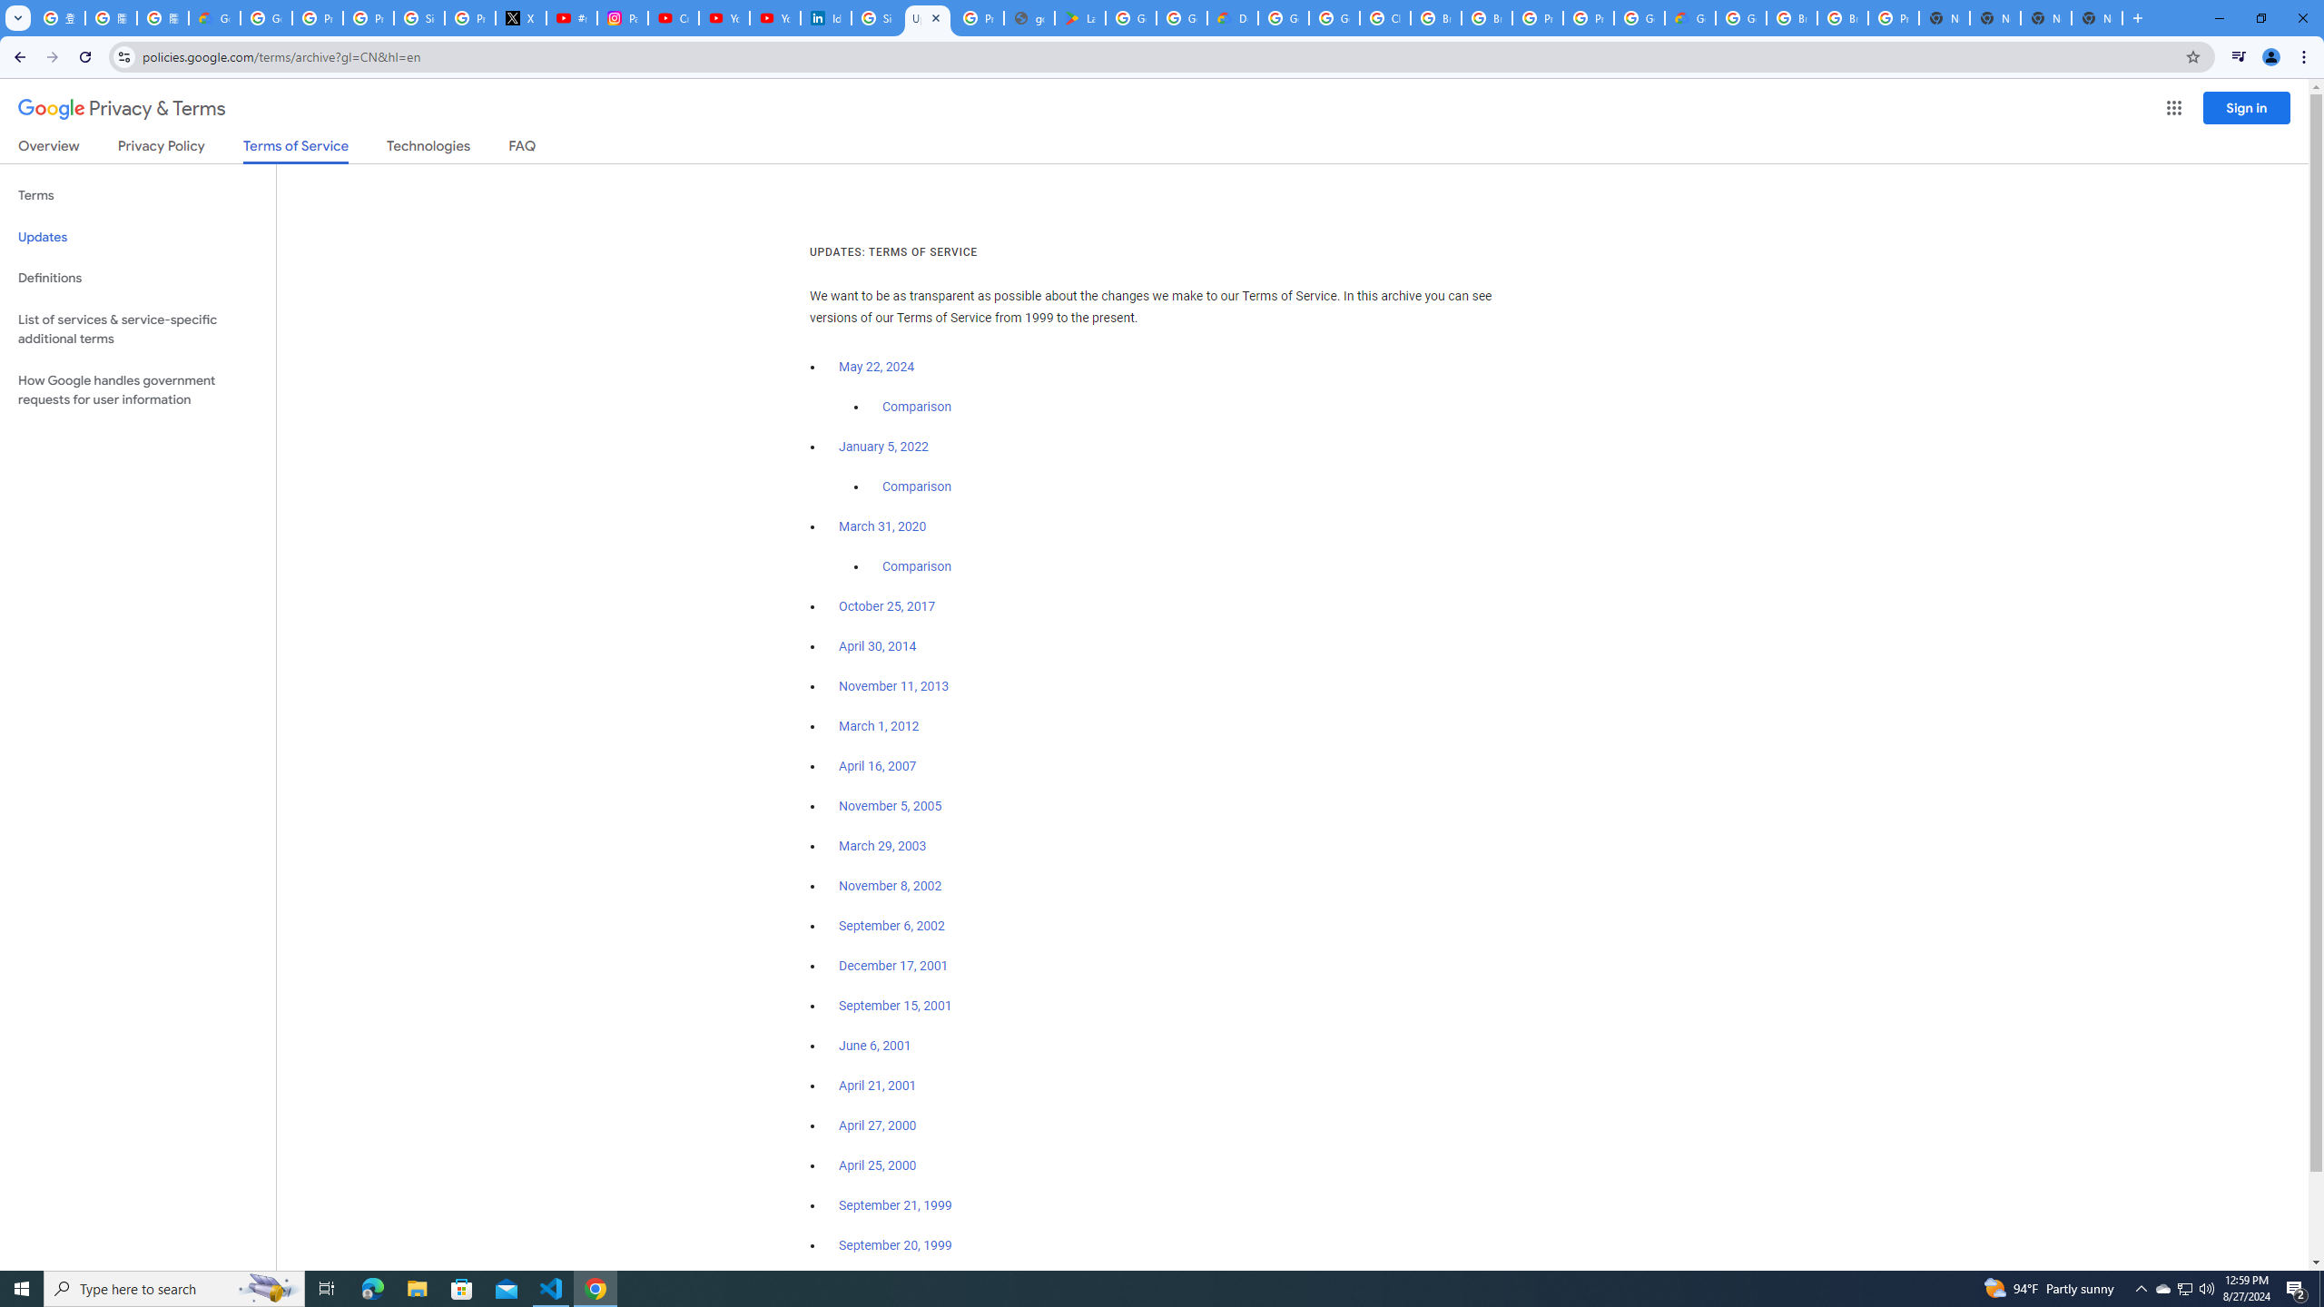 The height and width of the screenshot is (1307, 2324). Describe the element at coordinates (891, 925) in the screenshot. I see `'September 6, 2002'` at that location.